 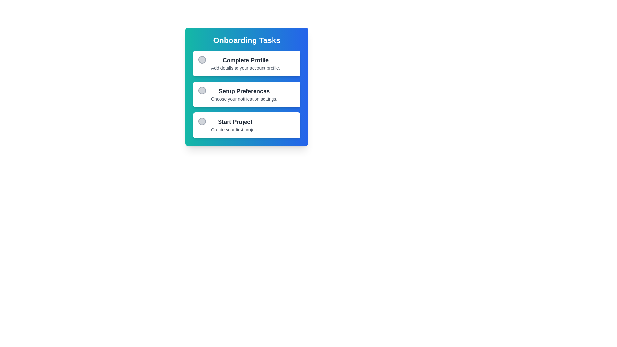 I want to click on the second selectable card in the onboarding interface, so click(x=246, y=94).